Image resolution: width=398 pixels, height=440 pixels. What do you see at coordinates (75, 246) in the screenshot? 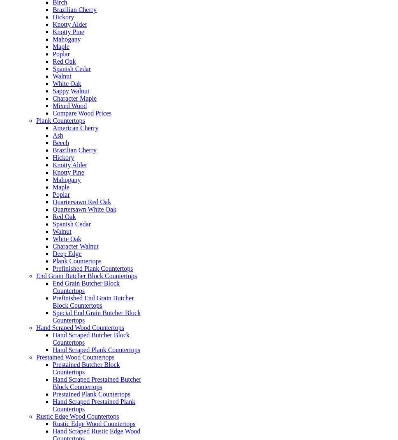
I see `'Character Walnut'` at bounding box center [75, 246].